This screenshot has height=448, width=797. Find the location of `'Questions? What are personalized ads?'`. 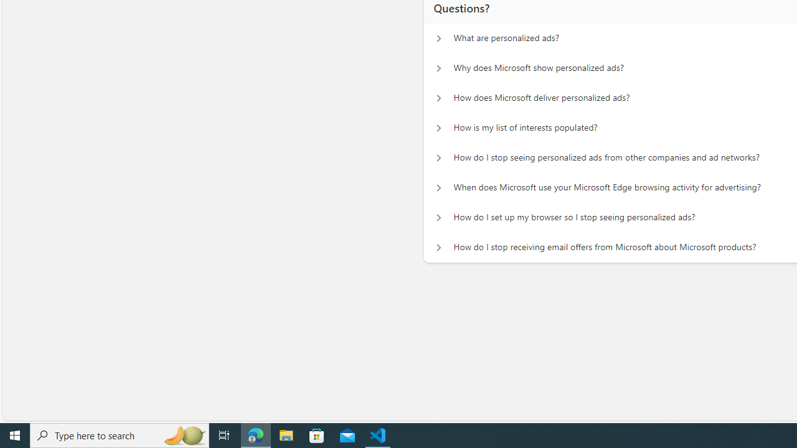

'Questions? What are personalized ads?' is located at coordinates (438, 38).